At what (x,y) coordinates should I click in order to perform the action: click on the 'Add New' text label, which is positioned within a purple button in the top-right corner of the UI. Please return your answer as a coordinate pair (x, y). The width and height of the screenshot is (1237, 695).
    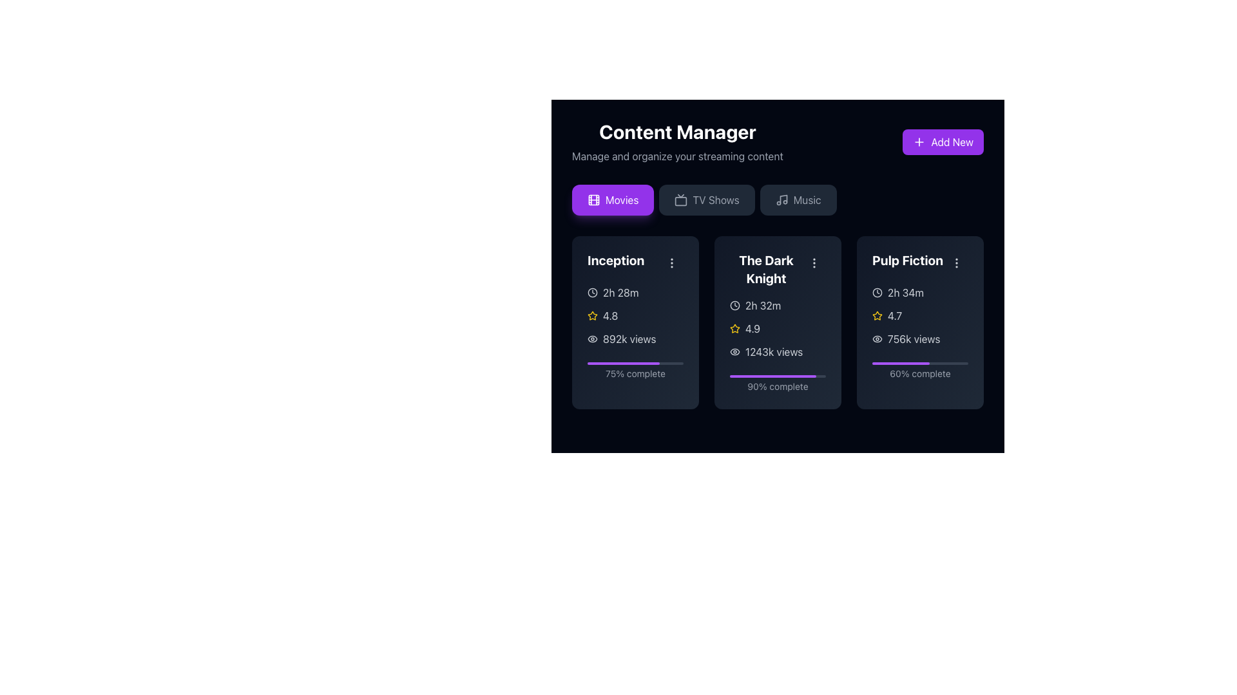
    Looking at the image, I should click on (952, 142).